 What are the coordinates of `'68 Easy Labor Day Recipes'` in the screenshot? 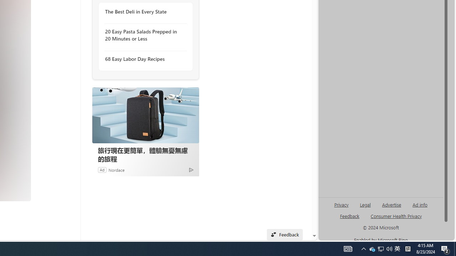 It's located at (143, 58).